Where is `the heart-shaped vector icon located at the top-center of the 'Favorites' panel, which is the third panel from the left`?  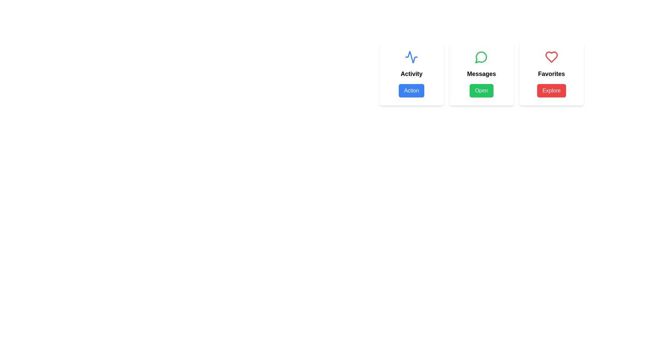 the heart-shaped vector icon located at the top-center of the 'Favorites' panel, which is the third panel from the left is located at coordinates (551, 56).